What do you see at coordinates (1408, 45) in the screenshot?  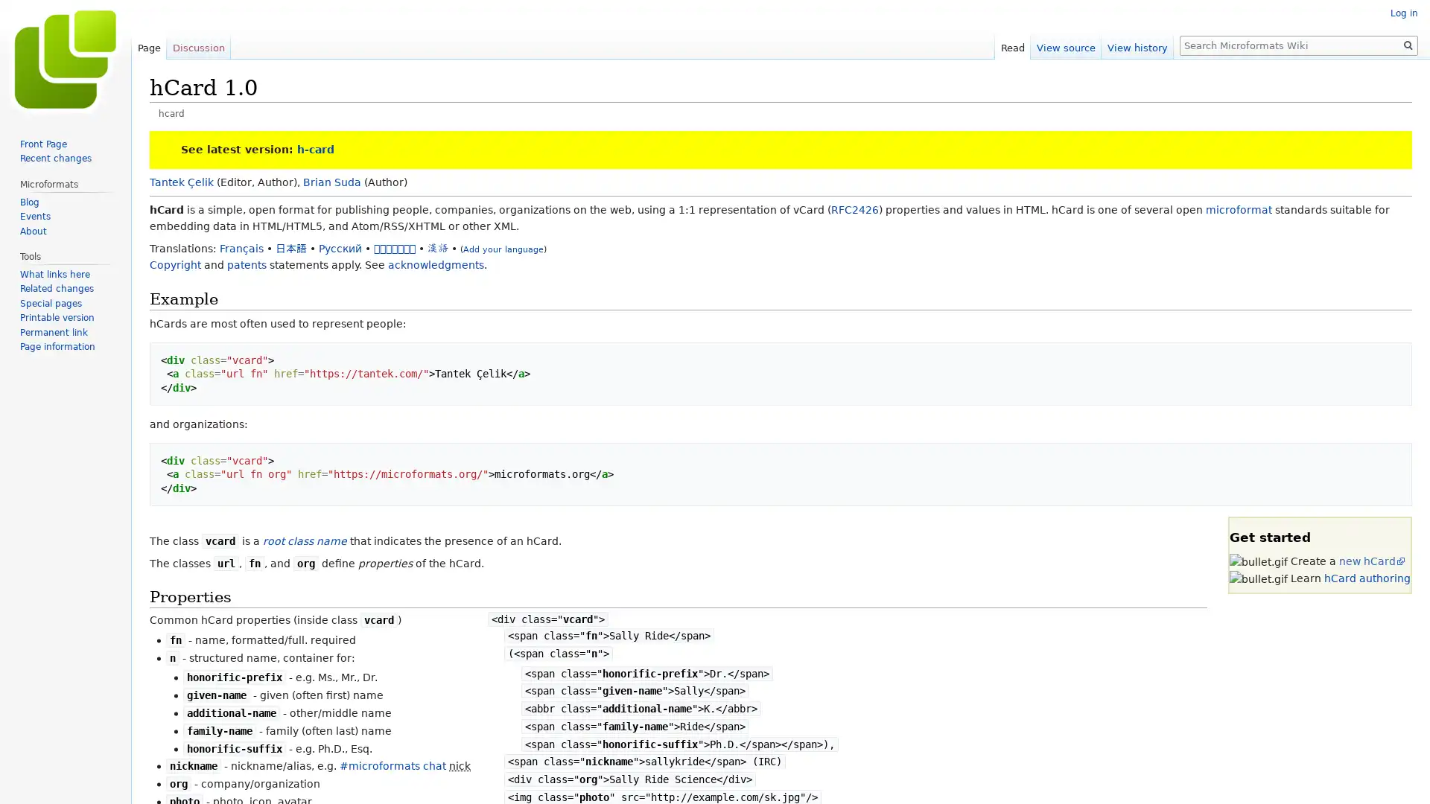 I see `Go` at bounding box center [1408, 45].